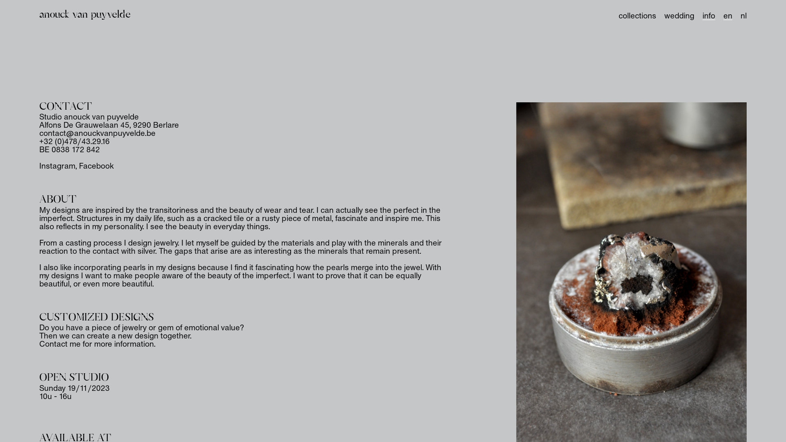  Describe the element at coordinates (637, 16) in the screenshot. I see `'collections'` at that location.